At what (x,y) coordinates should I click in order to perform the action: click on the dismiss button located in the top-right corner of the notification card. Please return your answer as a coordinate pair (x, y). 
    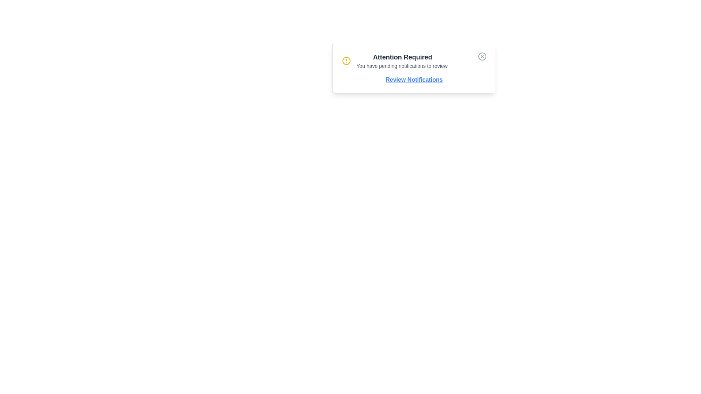
    Looking at the image, I should click on (482, 56).